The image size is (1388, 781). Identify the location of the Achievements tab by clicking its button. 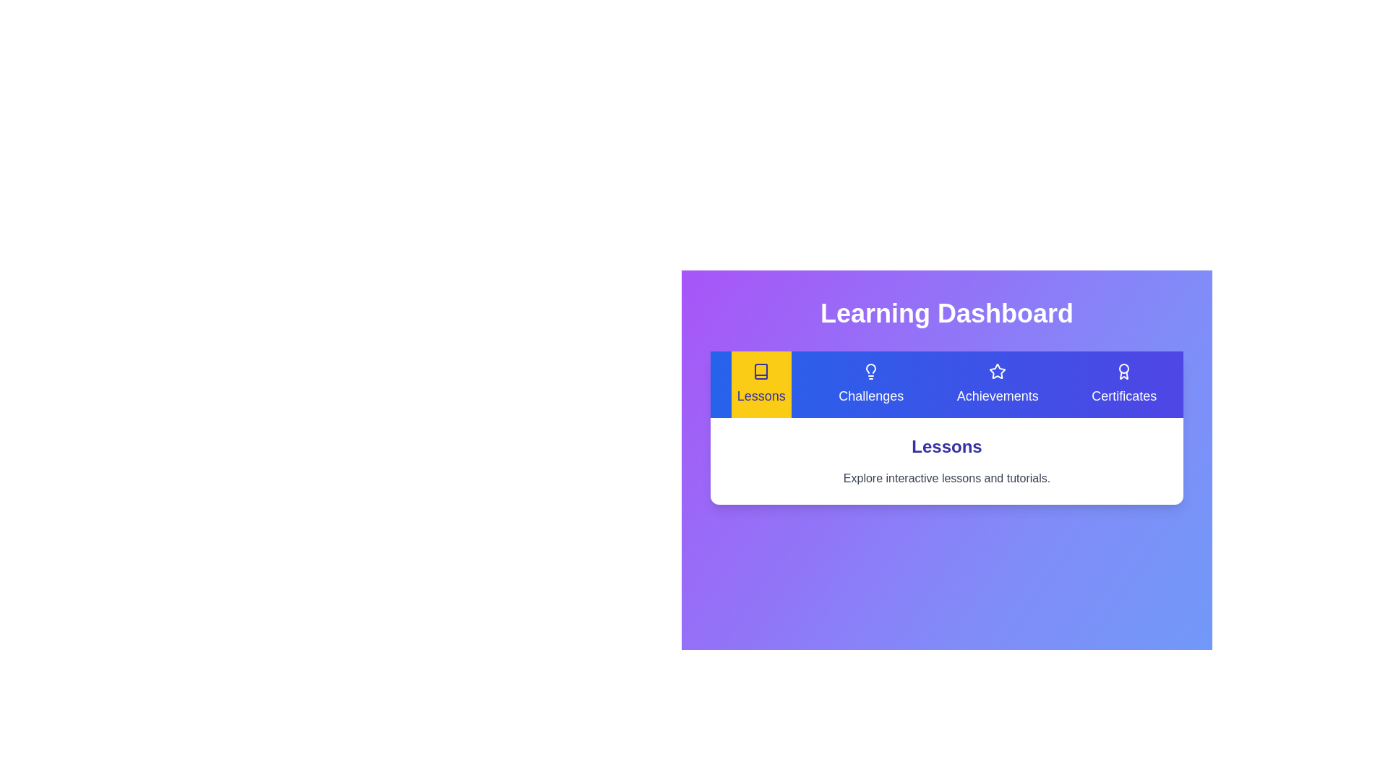
(997, 384).